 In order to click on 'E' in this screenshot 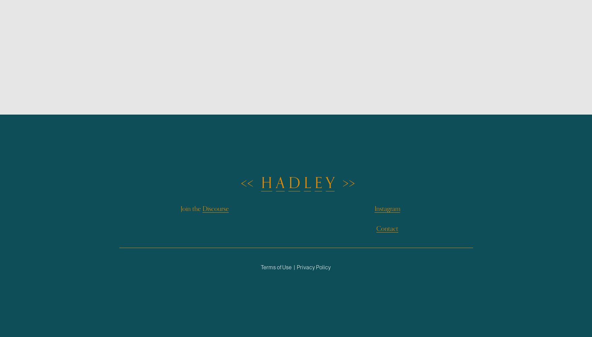, I will do `click(318, 183)`.